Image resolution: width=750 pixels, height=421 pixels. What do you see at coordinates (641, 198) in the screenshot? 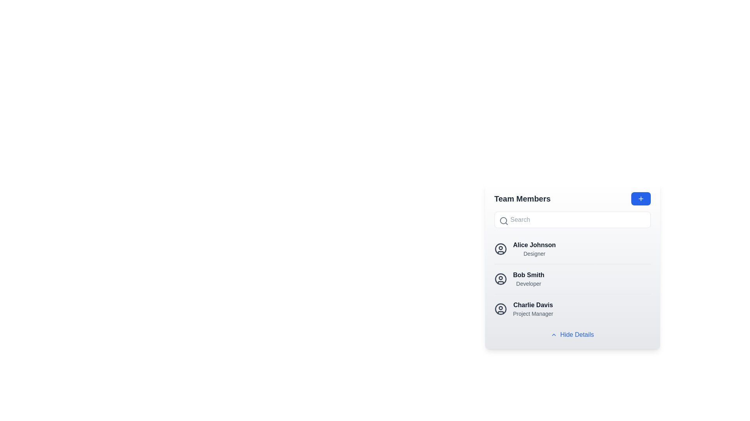
I see `the rounded rectangular blue button with a white plus symbol` at bounding box center [641, 198].